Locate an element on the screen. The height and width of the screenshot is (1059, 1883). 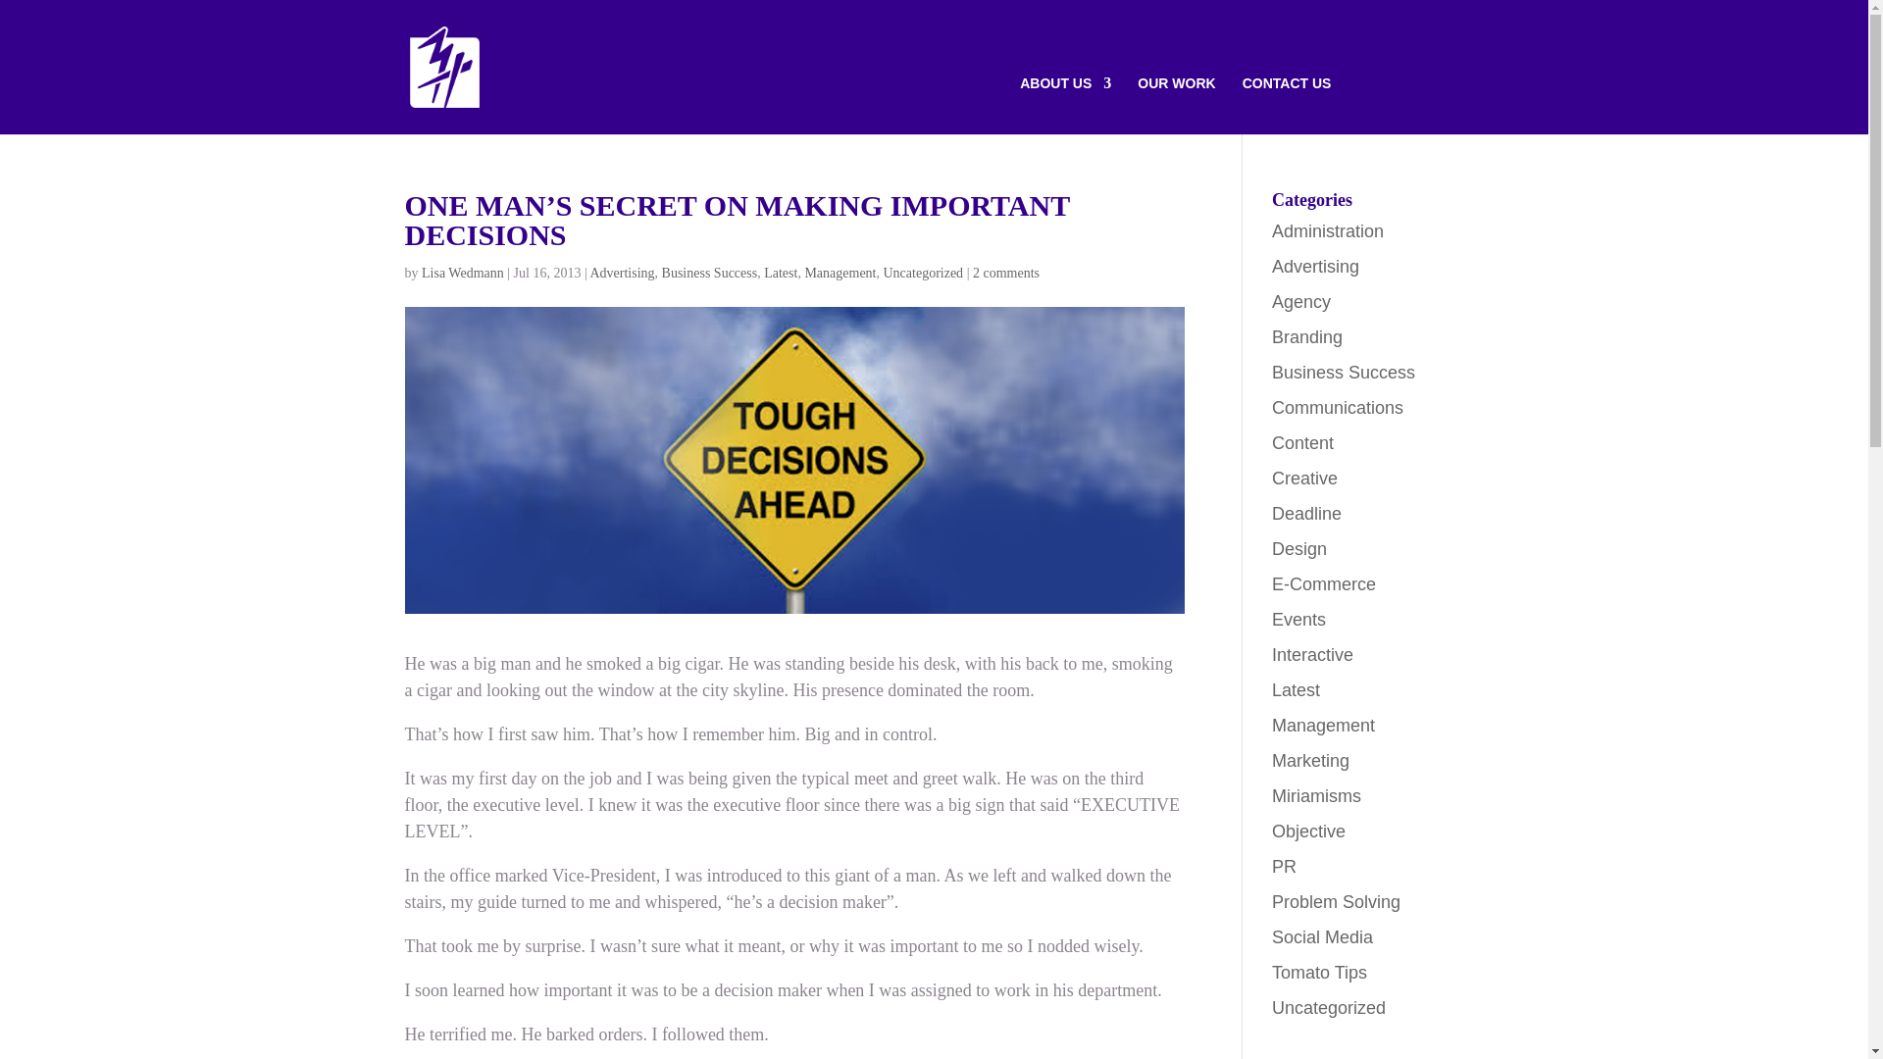
'Objective' is located at coordinates (1271, 832).